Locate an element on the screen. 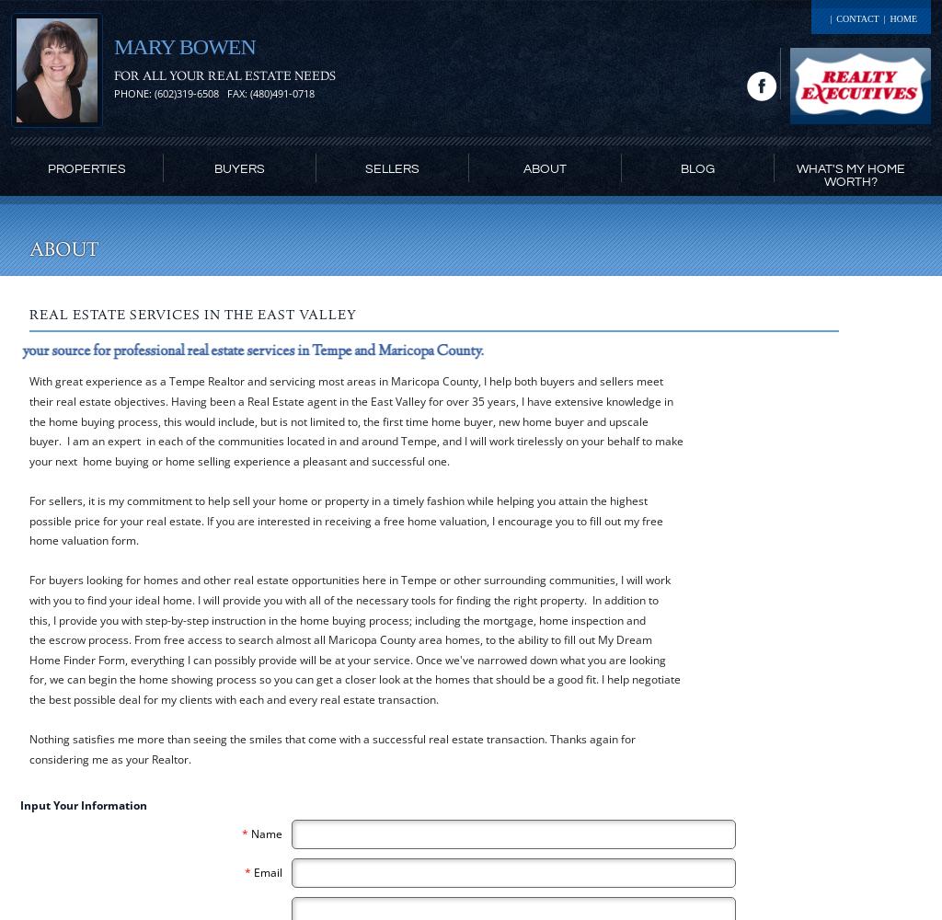 The height and width of the screenshot is (920, 942). 'Buyers' is located at coordinates (239, 169).